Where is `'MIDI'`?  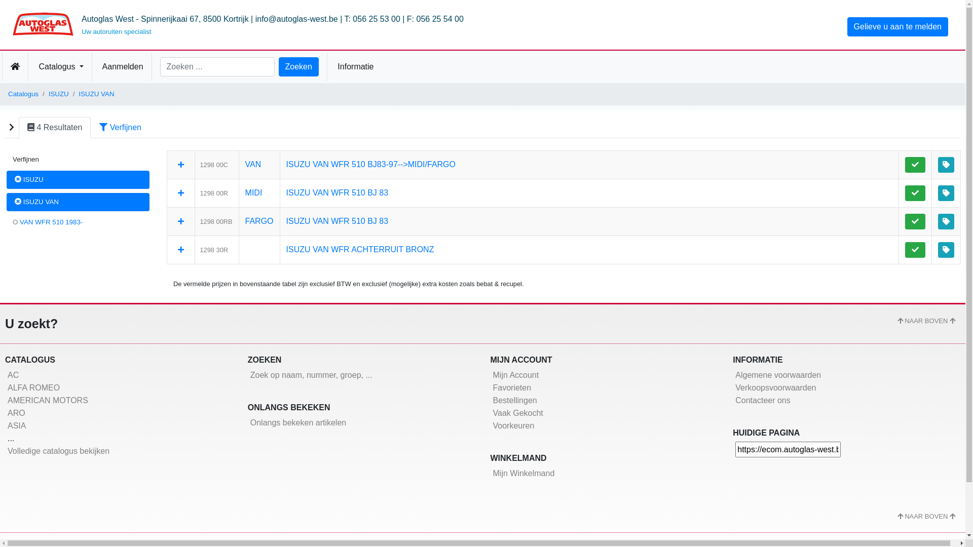
'MIDI' is located at coordinates (253, 192).